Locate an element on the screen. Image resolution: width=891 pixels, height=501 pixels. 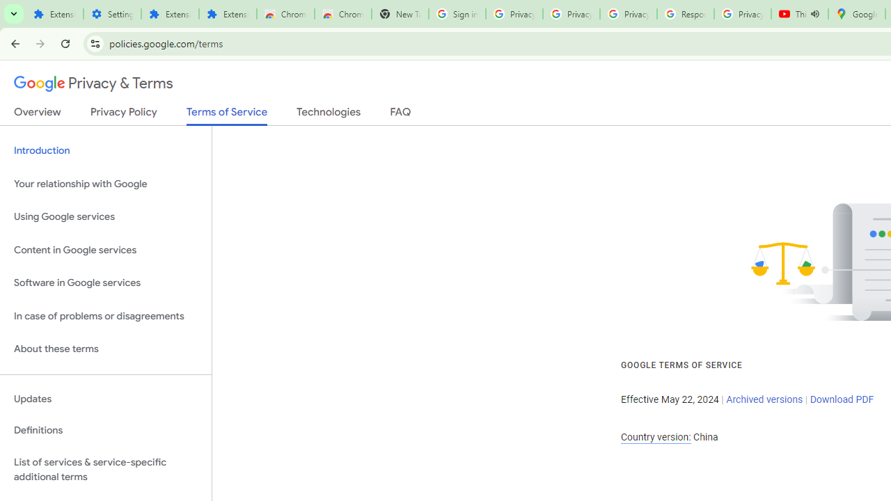
'Using Google services' is located at coordinates (105, 217).